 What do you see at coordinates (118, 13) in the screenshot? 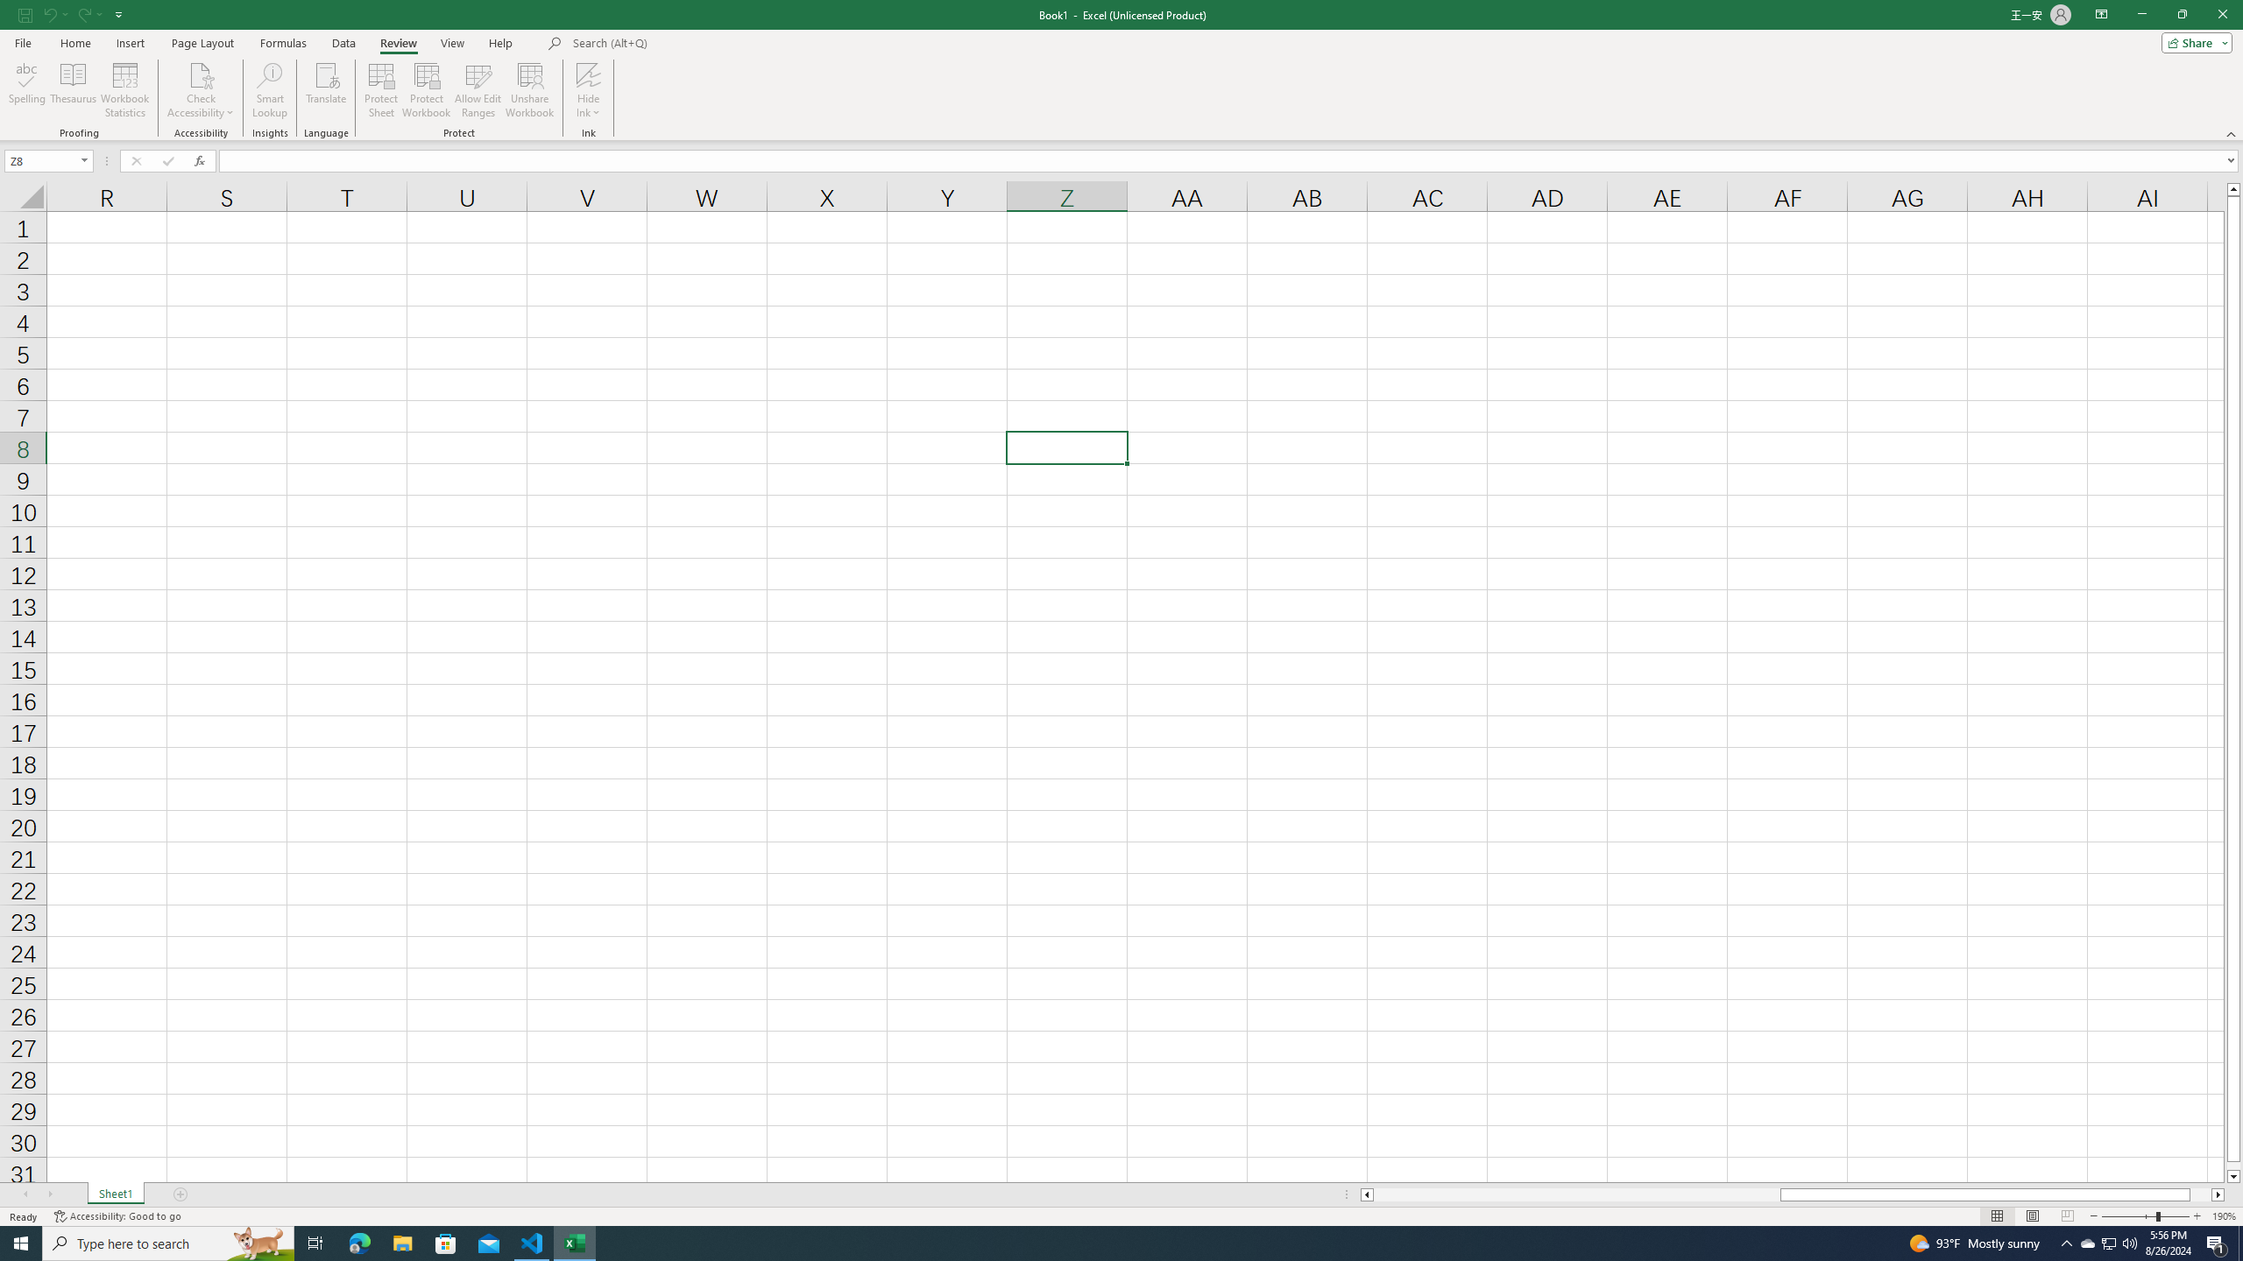
I see `'Customize Quick Access Toolbar'` at bounding box center [118, 13].